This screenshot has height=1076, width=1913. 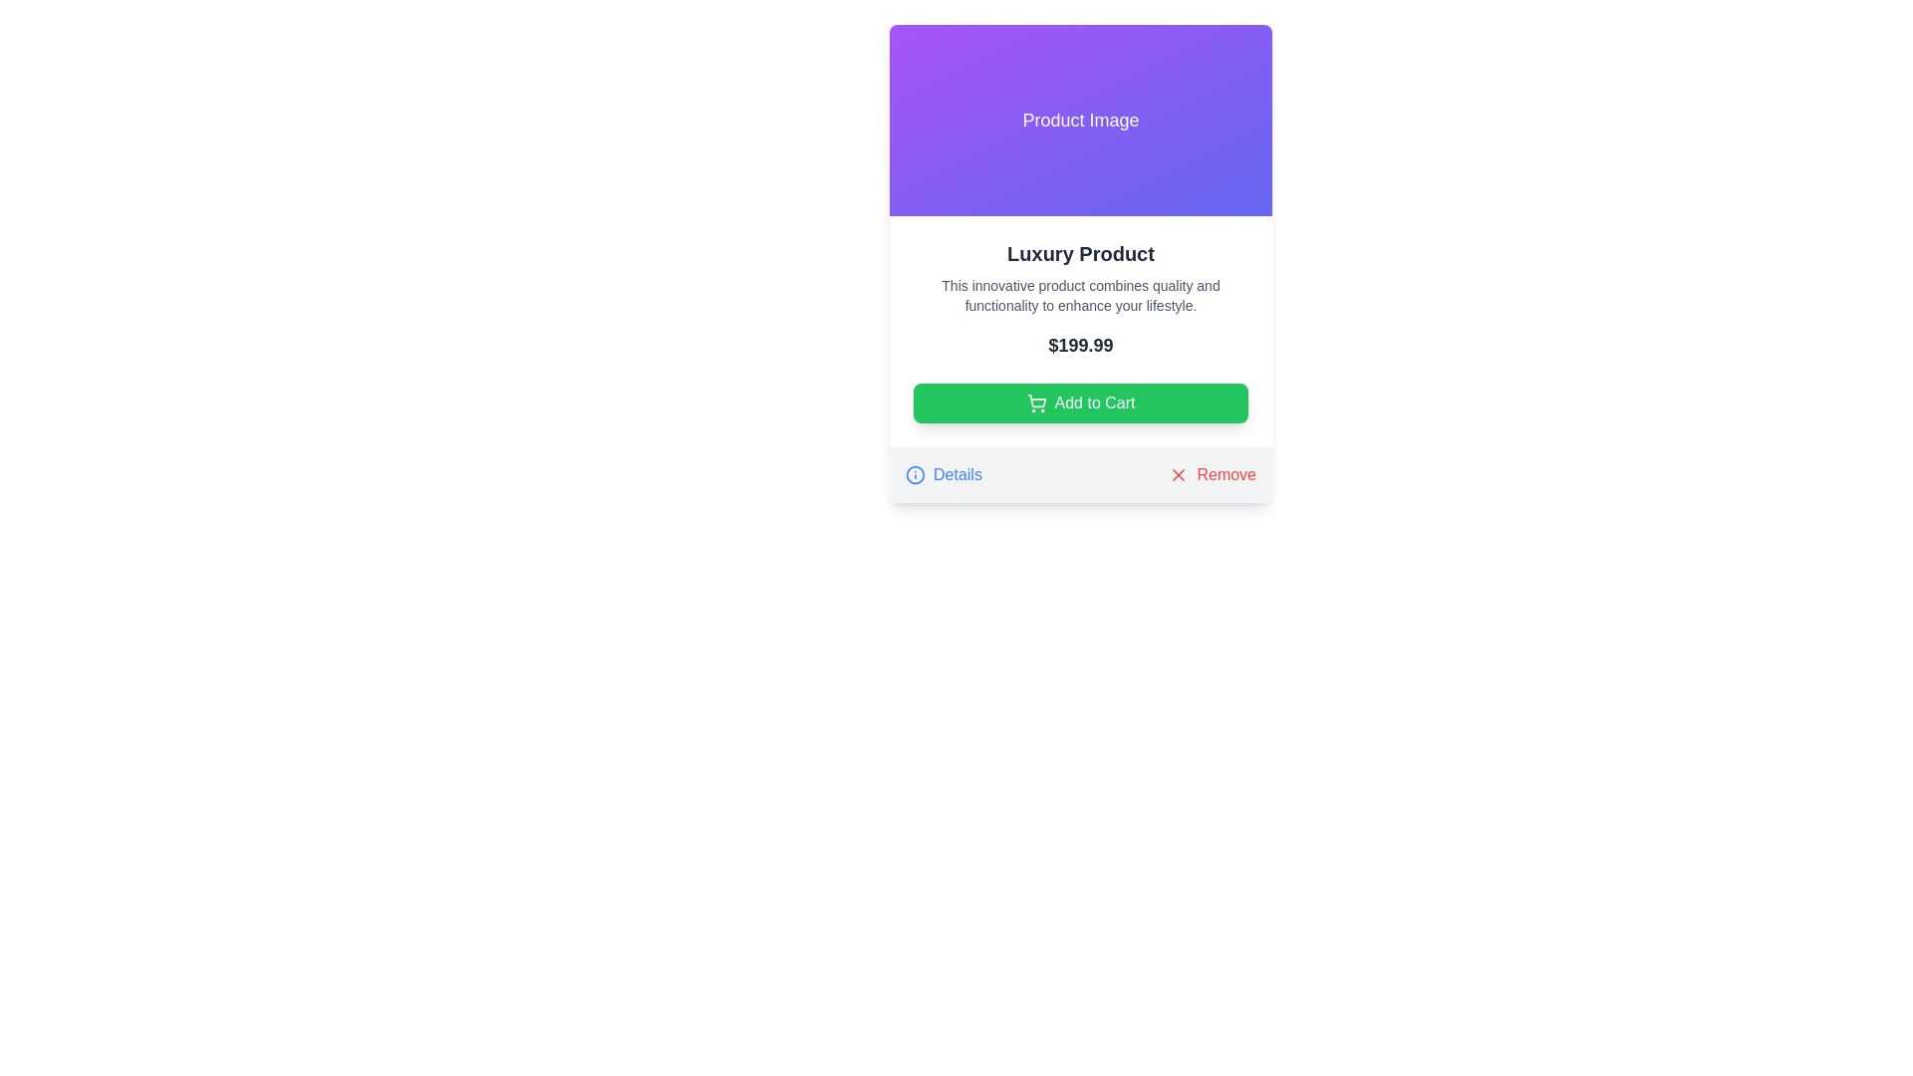 I want to click on the 'Details' button which has an information icon and text, located at the bottom section of a card layout, to ensure accessibility interactions, so click(x=943, y=475).